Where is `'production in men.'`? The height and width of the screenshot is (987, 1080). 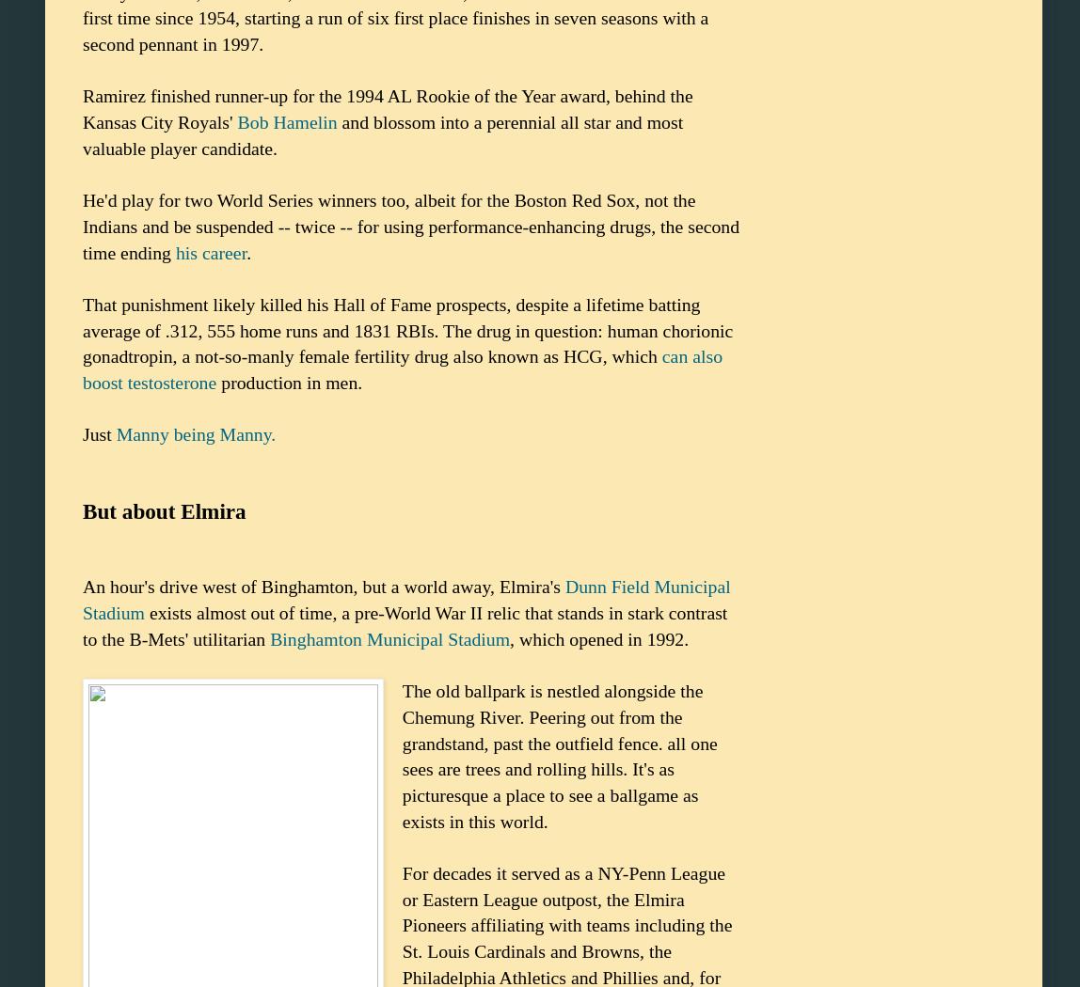 'production in men.' is located at coordinates (289, 382).